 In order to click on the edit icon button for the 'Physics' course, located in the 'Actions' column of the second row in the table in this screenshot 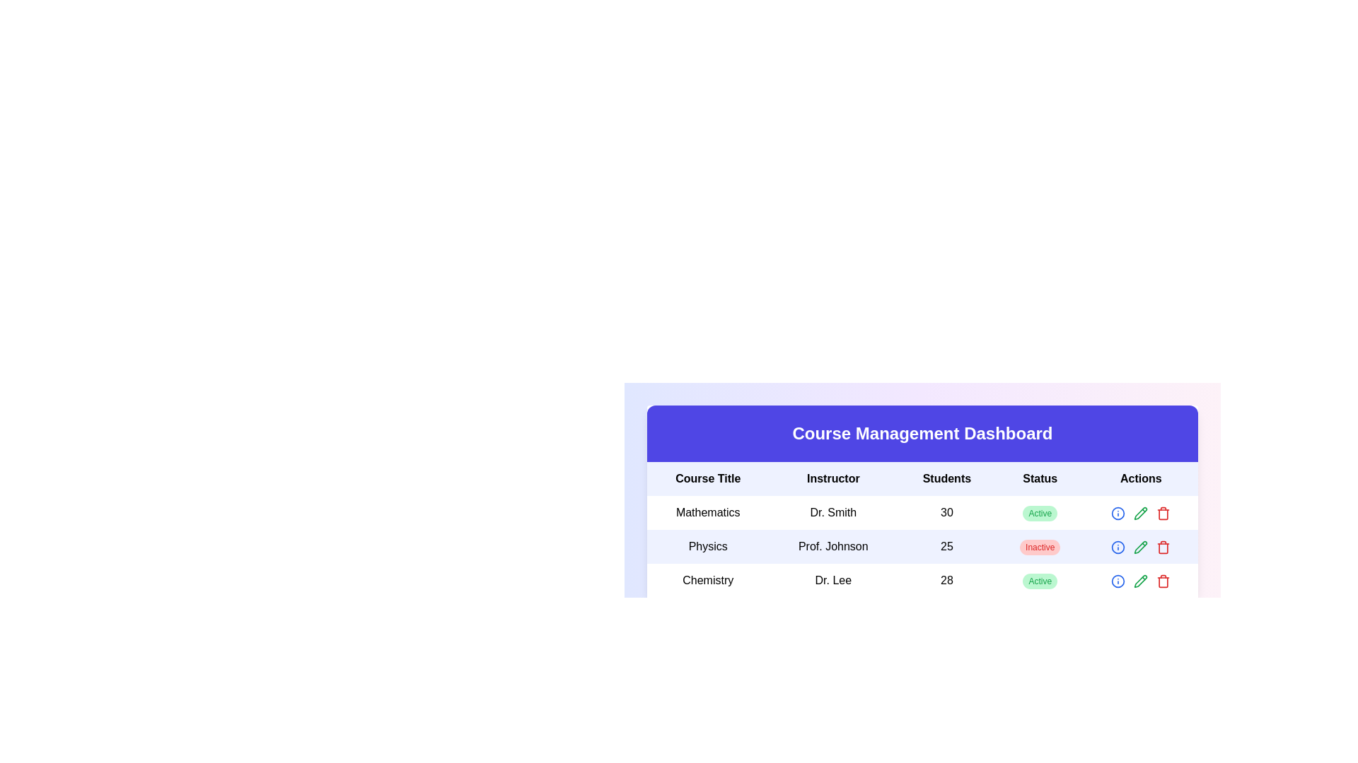, I will do `click(1141, 513)`.